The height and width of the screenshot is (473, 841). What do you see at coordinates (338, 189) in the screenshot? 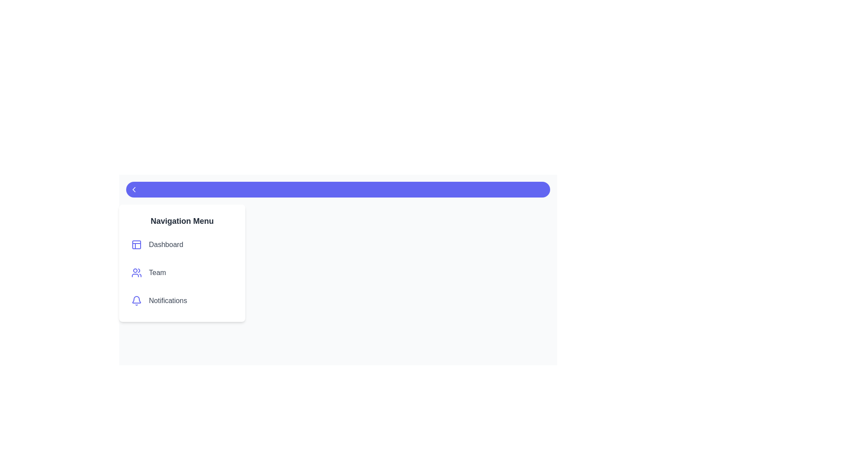
I see `the toggle button to toggle the drawer open or closed` at bounding box center [338, 189].